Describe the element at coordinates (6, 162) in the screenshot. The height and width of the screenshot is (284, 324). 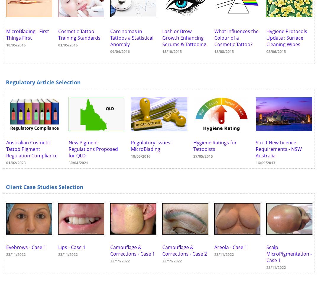
I see `'01/02/2023'` at that location.